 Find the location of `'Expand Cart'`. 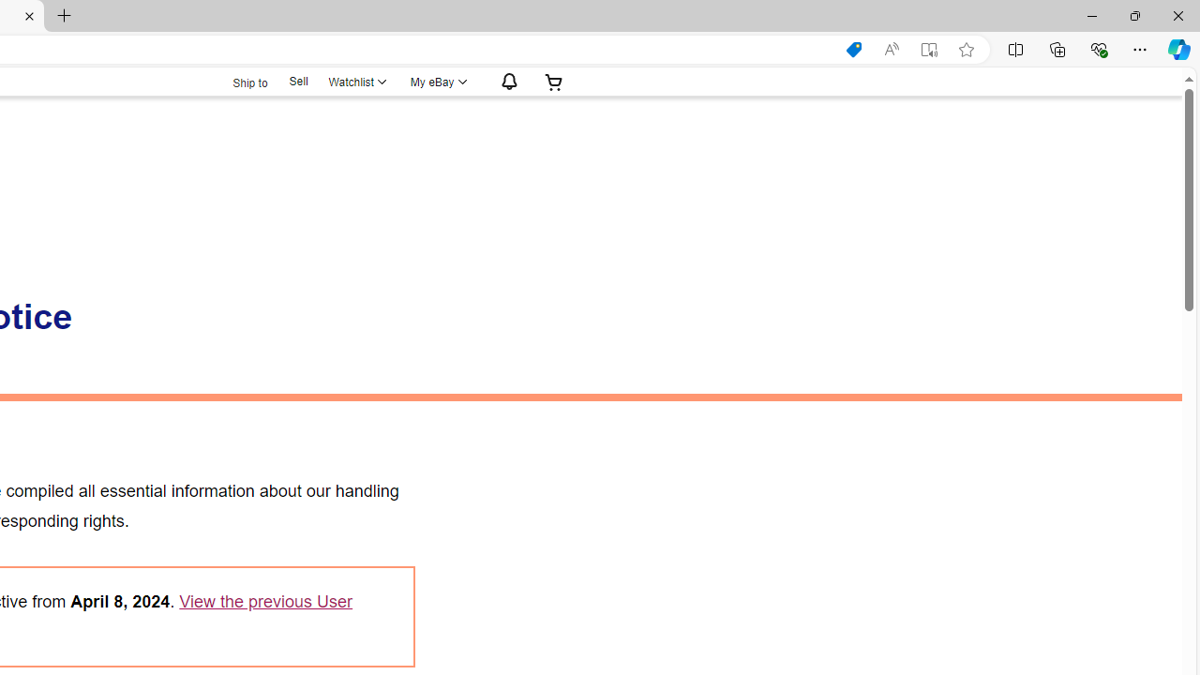

'Expand Cart' is located at coordinates (553, 81).